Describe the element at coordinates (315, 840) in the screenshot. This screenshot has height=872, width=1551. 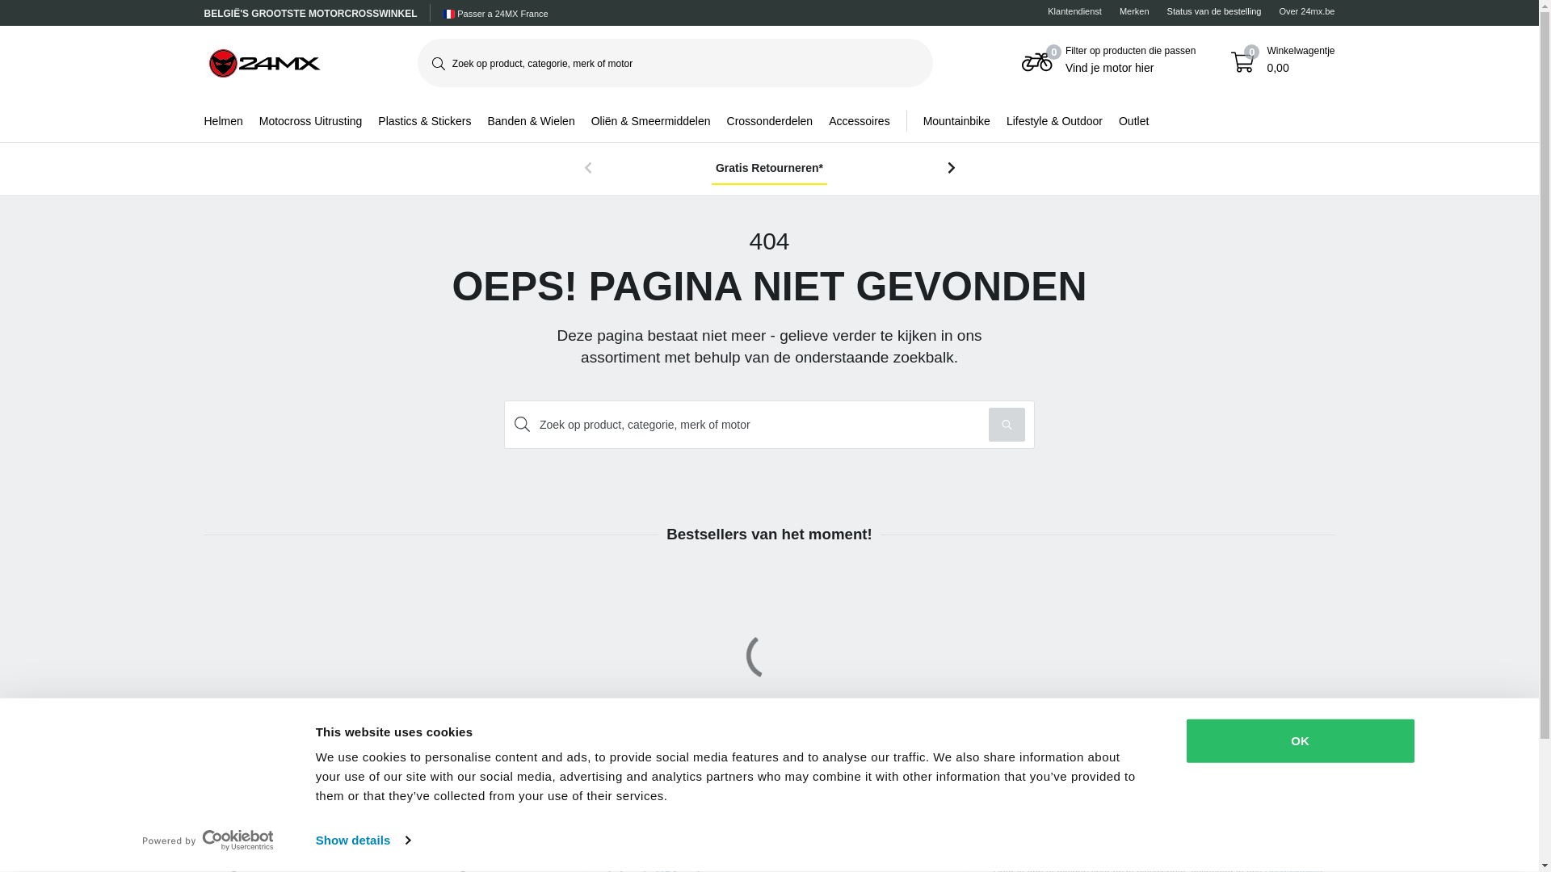
I see `'Show details'` at that location.